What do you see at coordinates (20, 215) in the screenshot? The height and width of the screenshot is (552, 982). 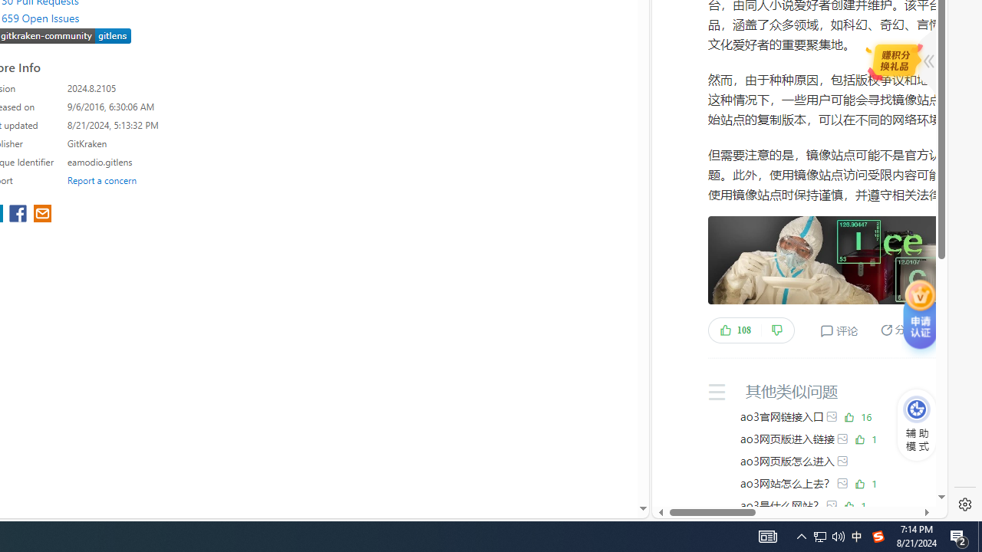 I see `'share extension on facebook'` at bounding box center [20, 215].